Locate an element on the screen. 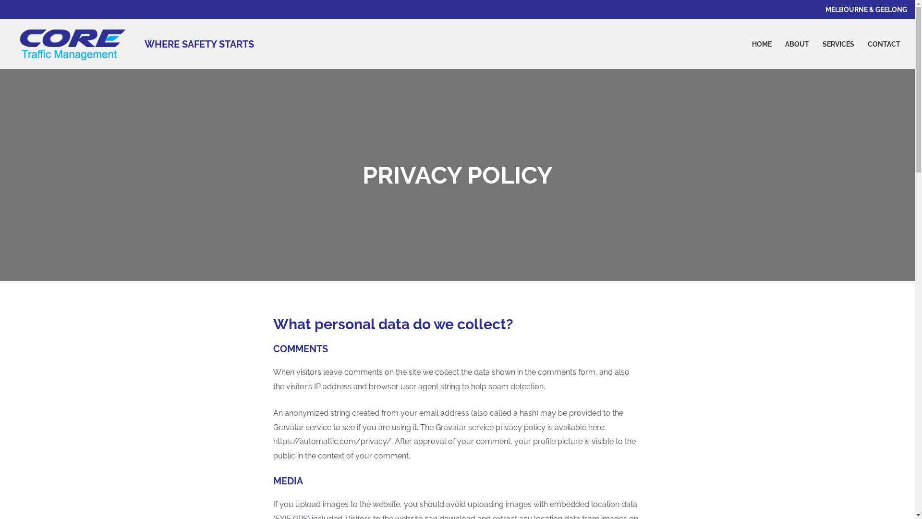 The image size is (922, 519). 'SERVICES' is located at coordinates (838, 44).